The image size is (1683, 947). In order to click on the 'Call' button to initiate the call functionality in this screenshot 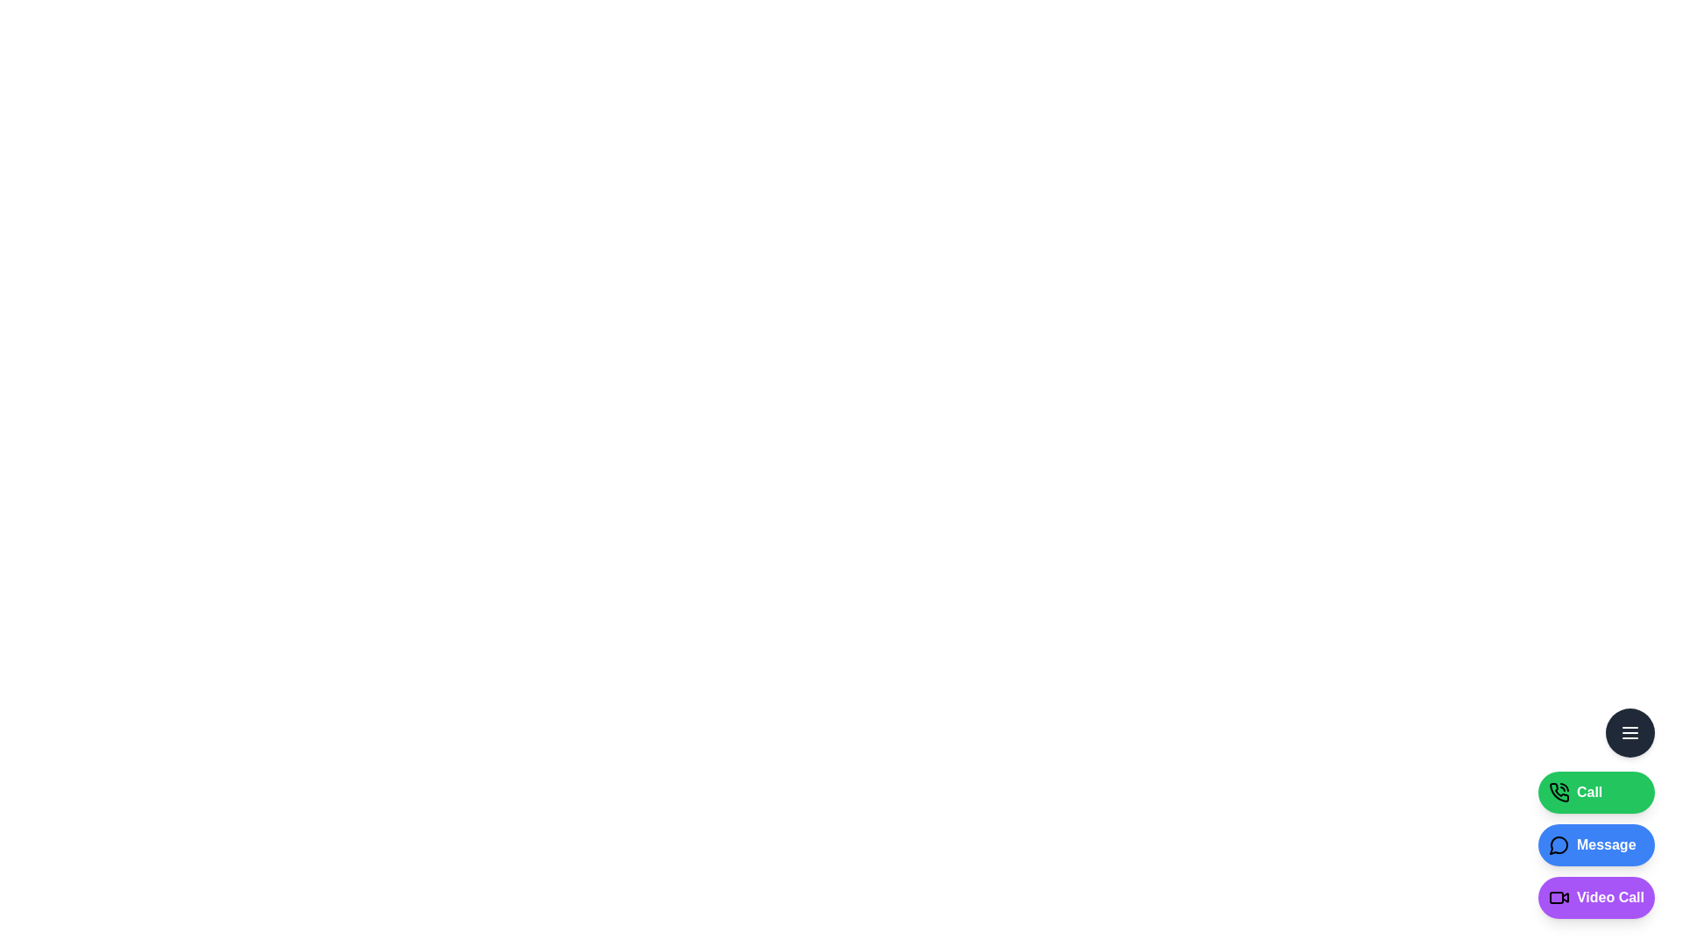, I will do `click(1595, 792)`.